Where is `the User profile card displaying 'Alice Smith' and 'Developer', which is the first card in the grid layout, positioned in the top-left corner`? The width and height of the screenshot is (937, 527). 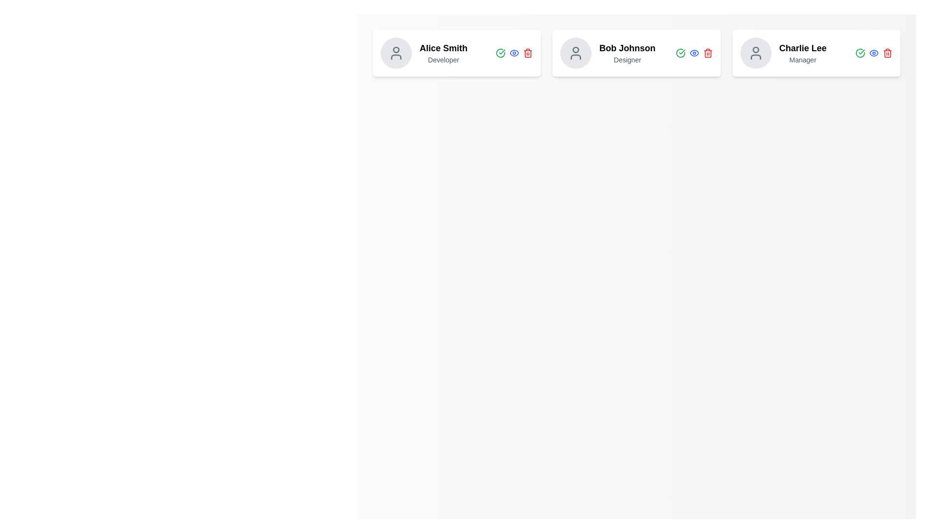
the User profile card displaying 'Alice Smith' and 'Developer', which is the first card in the grid layout, positioned in the top-left corner is located at coordinates (456, 53).